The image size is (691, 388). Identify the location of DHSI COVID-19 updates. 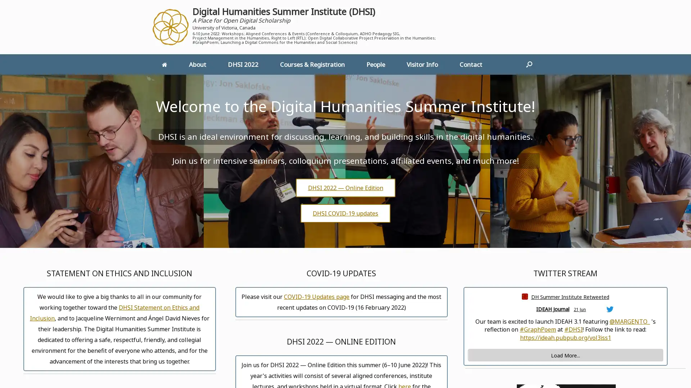
(345, 213).